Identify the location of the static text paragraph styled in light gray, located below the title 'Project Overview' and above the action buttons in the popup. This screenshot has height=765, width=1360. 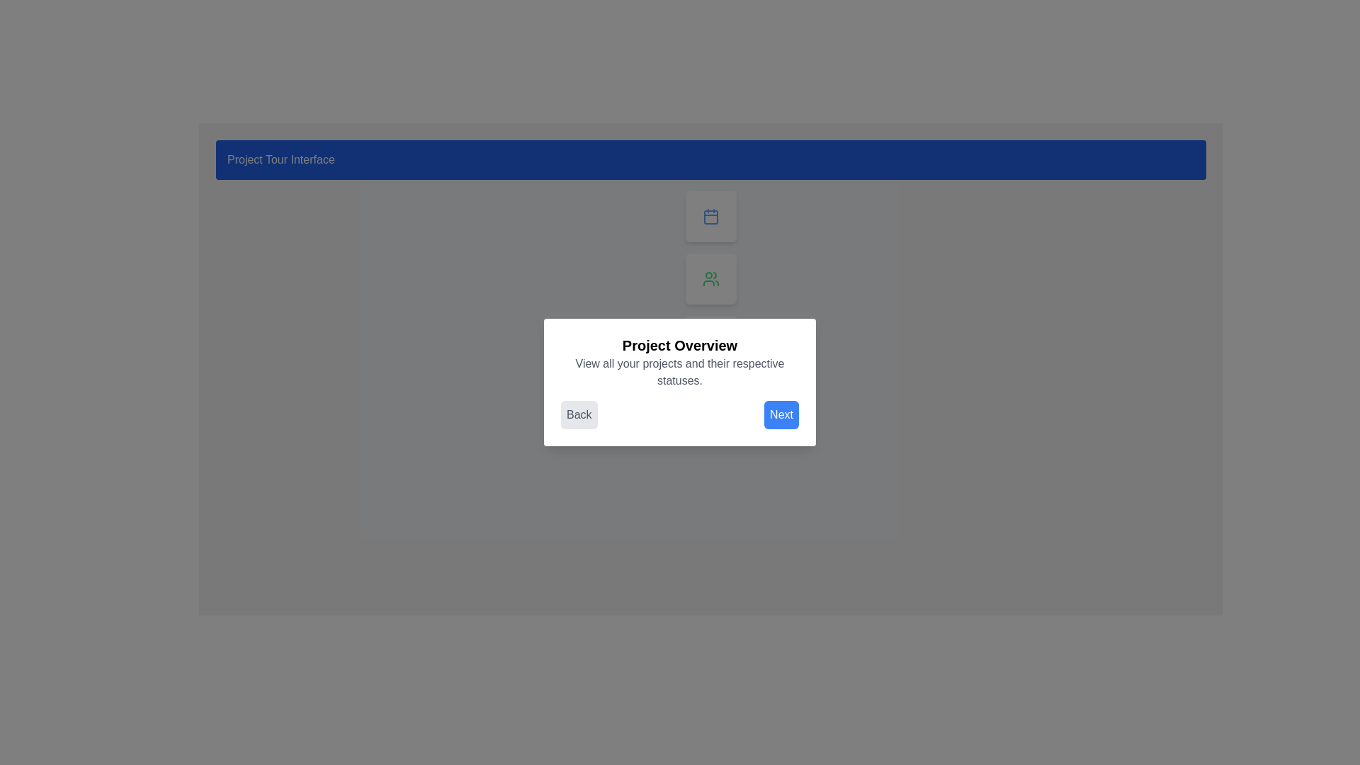
(680, 371).